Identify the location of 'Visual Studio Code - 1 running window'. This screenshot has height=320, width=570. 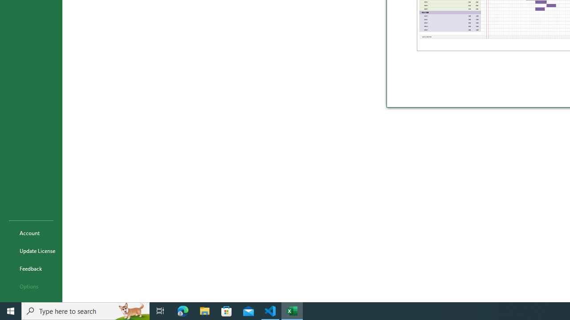
(270, 310).